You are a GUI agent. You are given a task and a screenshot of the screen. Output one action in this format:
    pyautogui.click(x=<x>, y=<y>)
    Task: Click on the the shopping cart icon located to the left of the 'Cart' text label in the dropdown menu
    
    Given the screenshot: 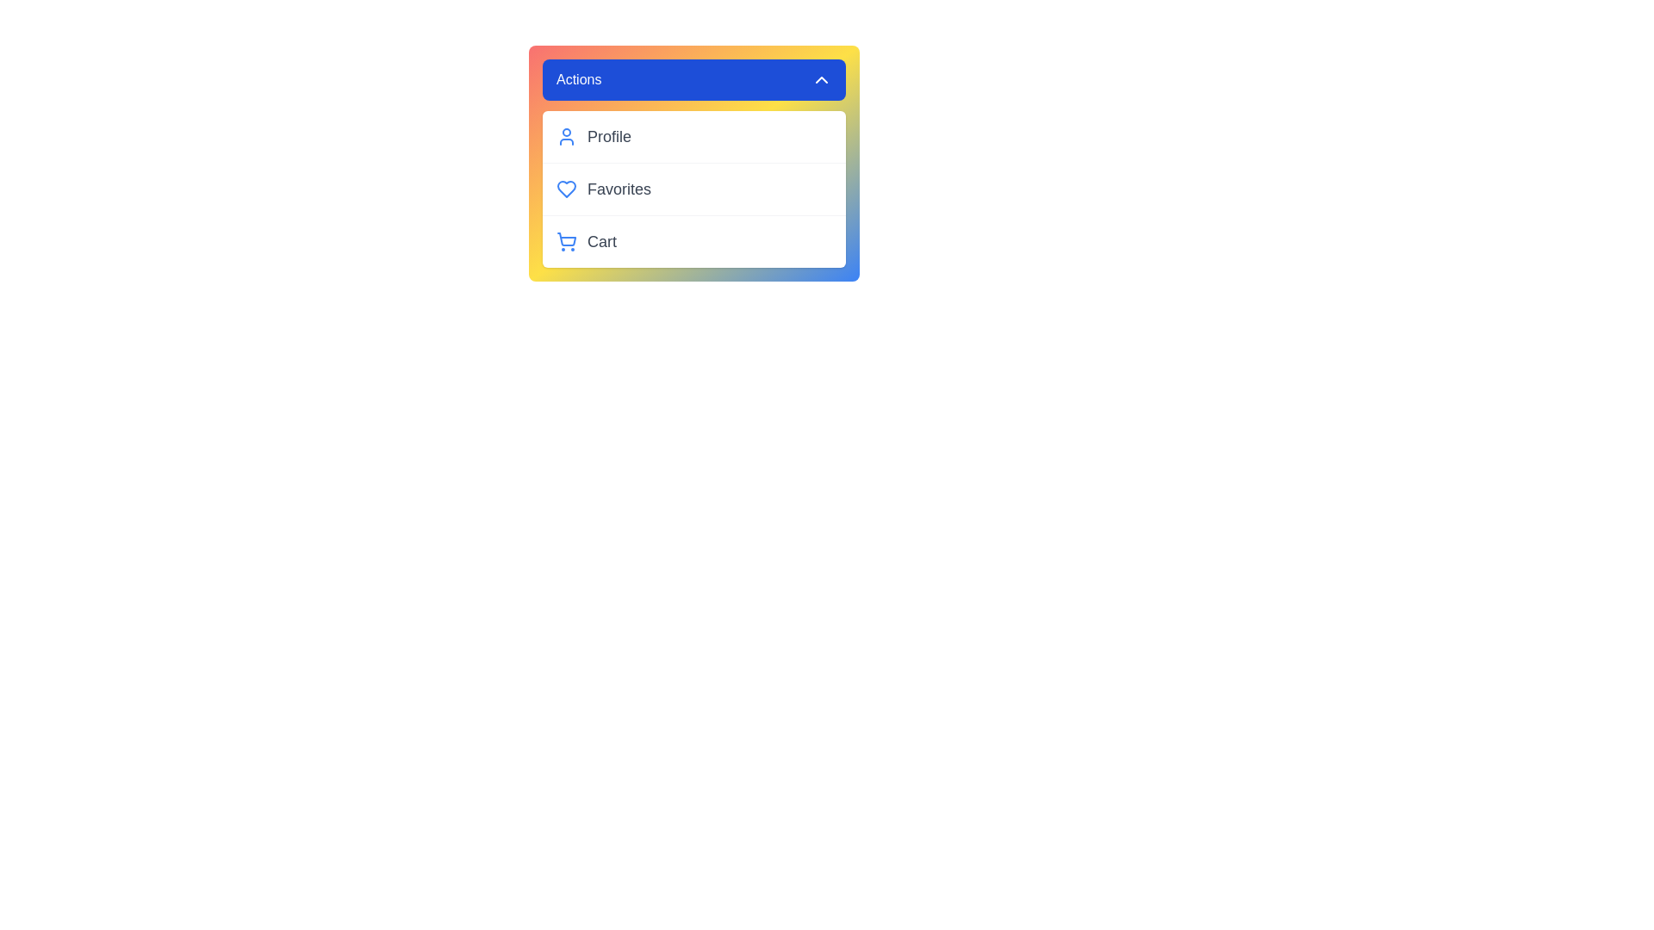 What is the action you would take?
    pyautogui.click(x=566, y=242)
    